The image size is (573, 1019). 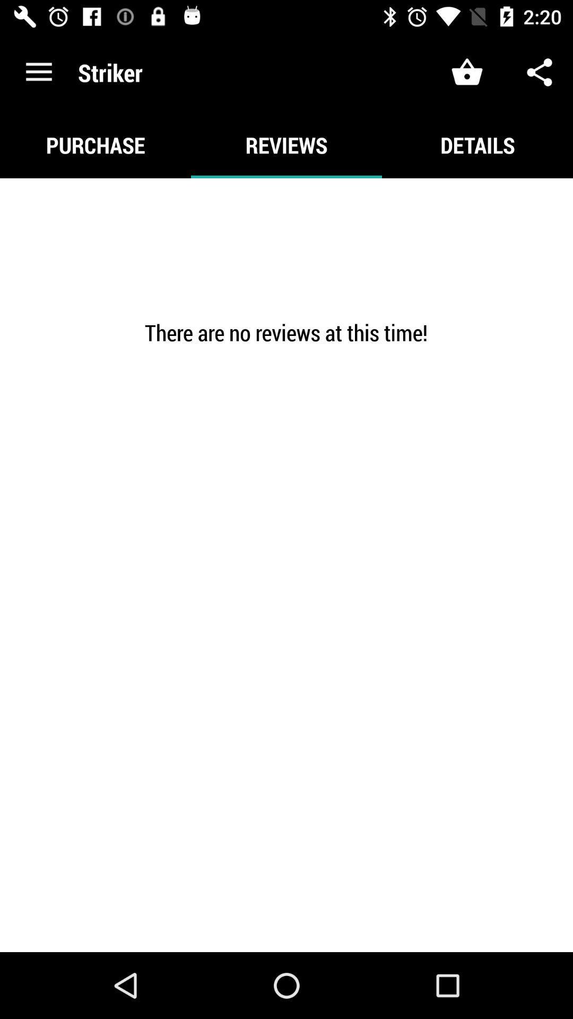 What do you see at coordinates (38, 72) in the screenshot?
I see `the item next to the striker` at bounding box center [38, 72].